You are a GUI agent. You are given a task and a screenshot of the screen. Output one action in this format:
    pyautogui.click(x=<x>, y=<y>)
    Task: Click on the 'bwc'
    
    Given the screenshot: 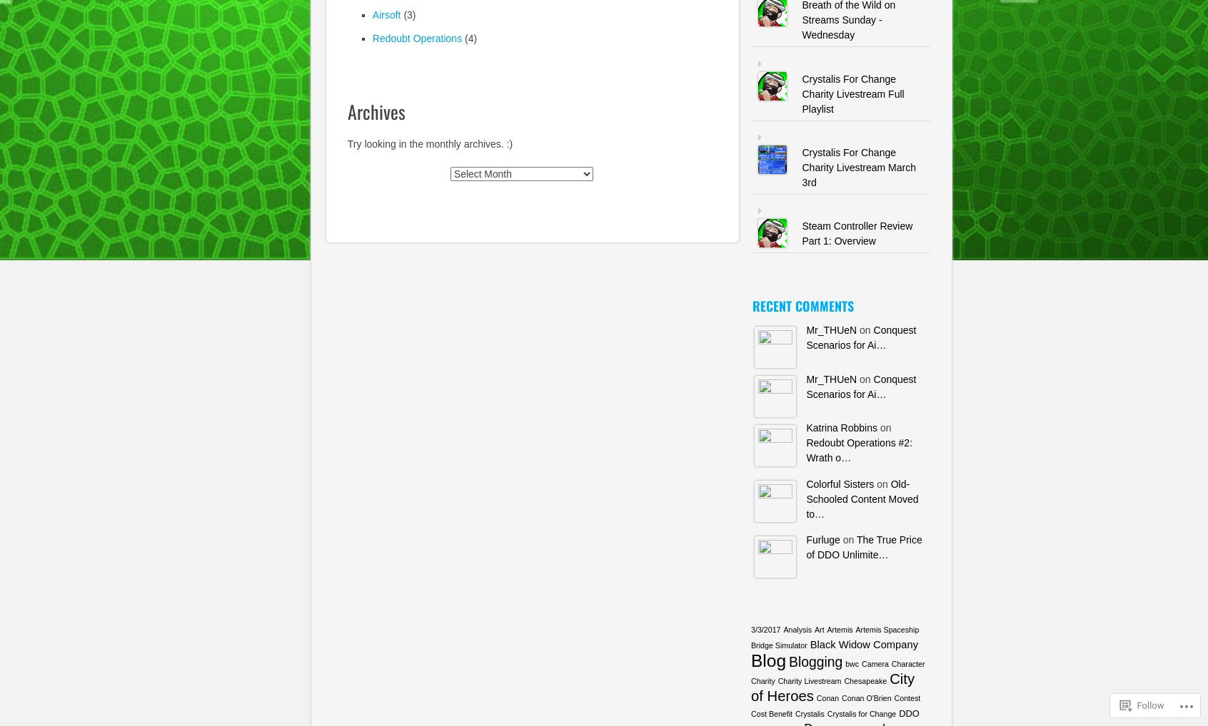 What is the action you would take?
    pyautogui.click(x=845, y=663)
    